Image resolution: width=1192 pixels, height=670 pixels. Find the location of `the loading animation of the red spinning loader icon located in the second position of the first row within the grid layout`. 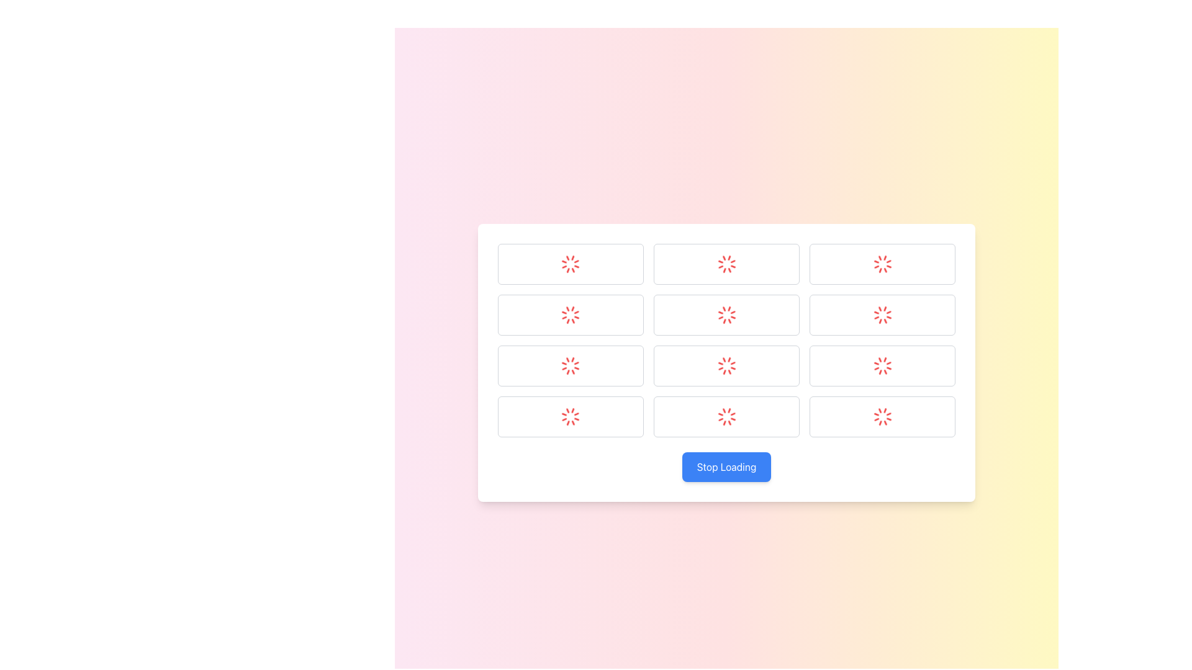

the loading animation of the red spinning loader icon located in the second position of the first row within the grid layout is located at coordinates (726, 263).